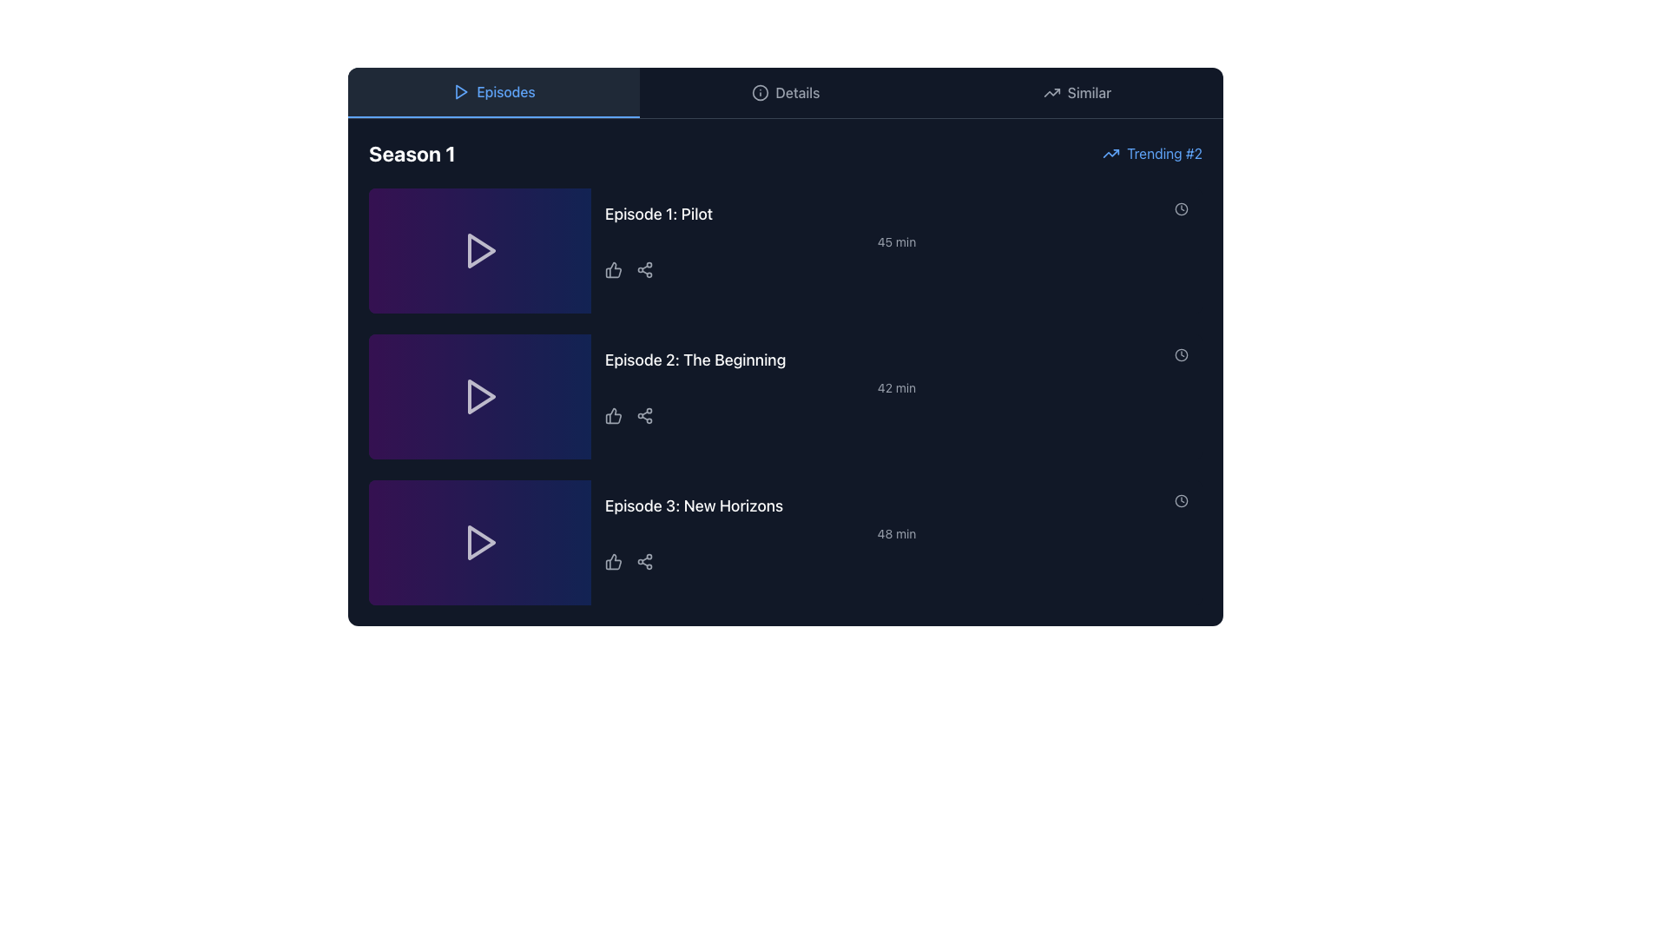 The width and height of the screenshot is (1667, 938). What do you see at coordinates (693, 505) in the screenshot?
I see `the Text label that indicates the title of the third episode in the series, which is positioned to the right of the thumbnail for 'Episode 3'` at bounding box center [693, 505].